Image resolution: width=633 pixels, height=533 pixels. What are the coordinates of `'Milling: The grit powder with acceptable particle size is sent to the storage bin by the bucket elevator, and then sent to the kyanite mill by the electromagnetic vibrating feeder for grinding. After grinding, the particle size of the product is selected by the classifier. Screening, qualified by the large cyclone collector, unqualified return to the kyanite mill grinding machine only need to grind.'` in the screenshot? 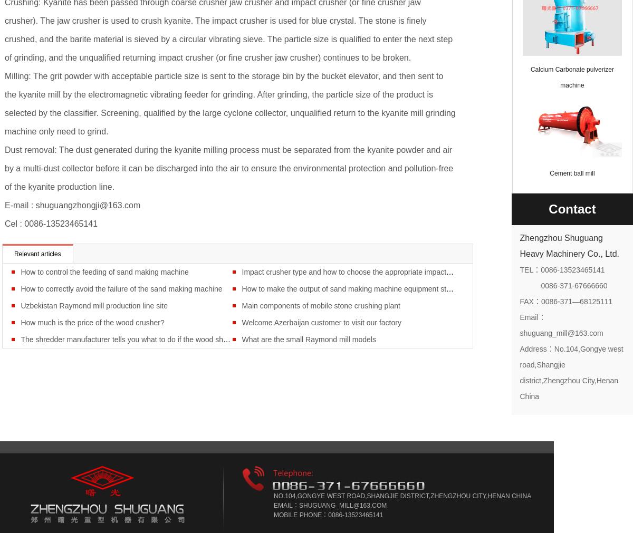 It's located at (229, 103).